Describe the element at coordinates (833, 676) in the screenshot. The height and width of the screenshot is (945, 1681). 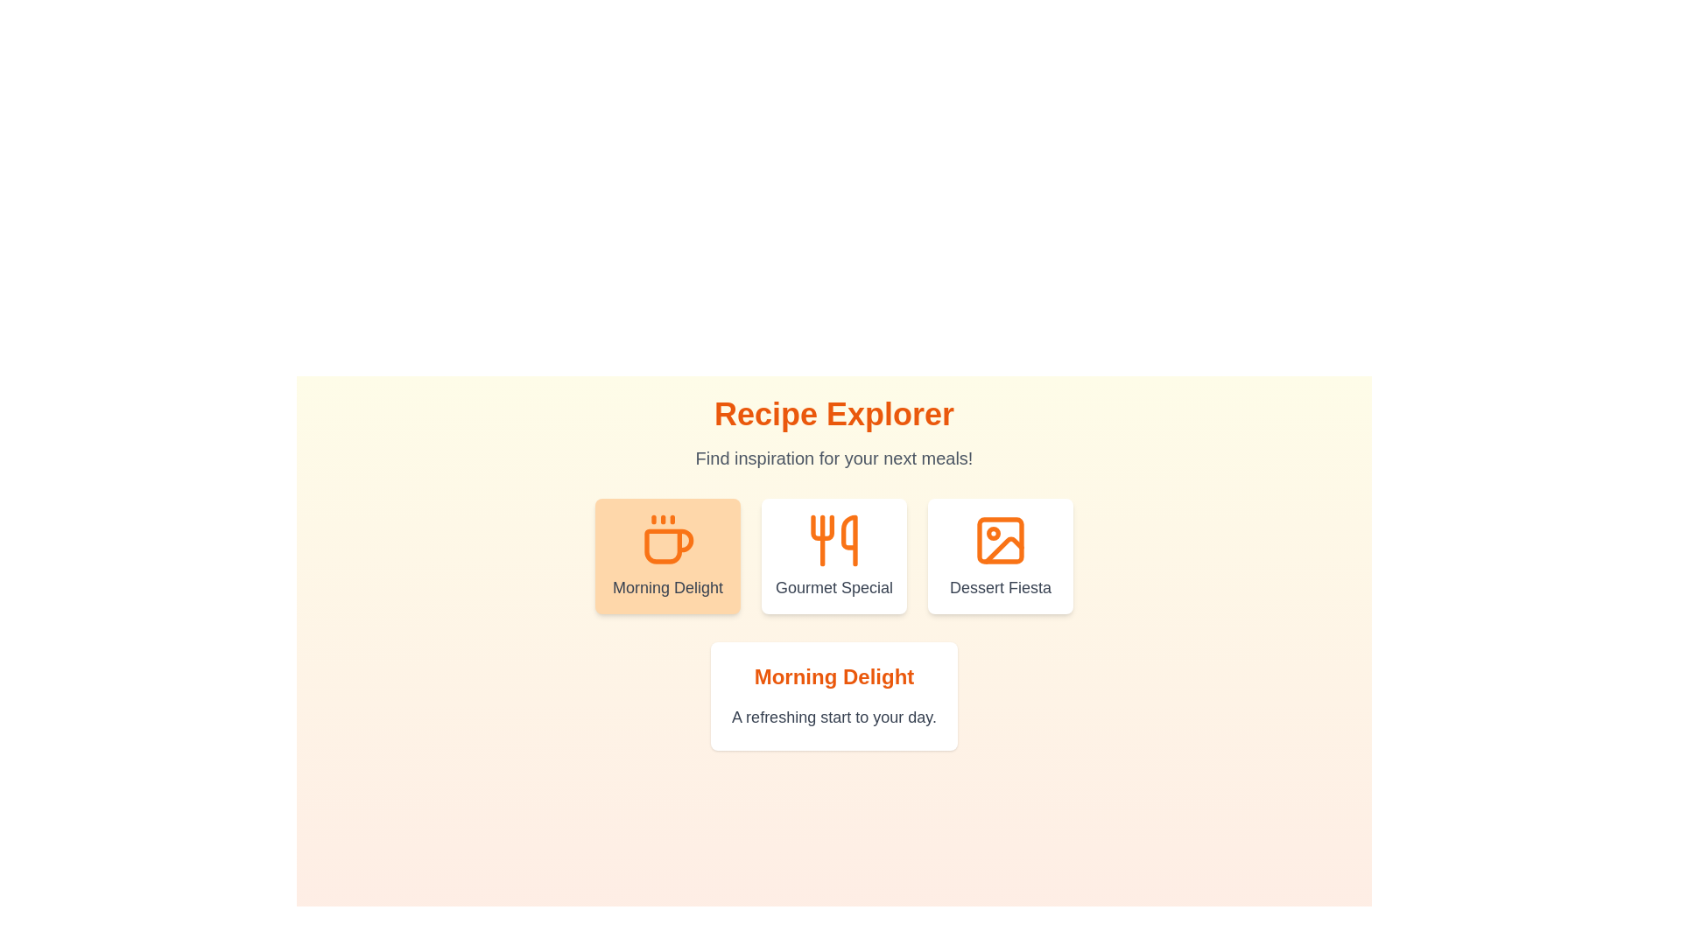
I see `the prominently styled Text Label with a large font size and bold typeface, presented in orange color against a white background, centrally positioned above the text 'A refreshing start to your day.'` at that location.